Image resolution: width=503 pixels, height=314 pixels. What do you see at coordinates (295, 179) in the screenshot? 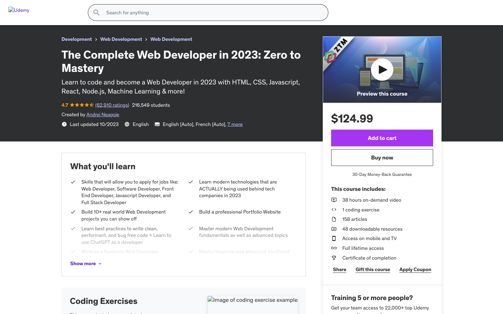
I see `Display the following photo of the product` at bounding box center [295, 179].